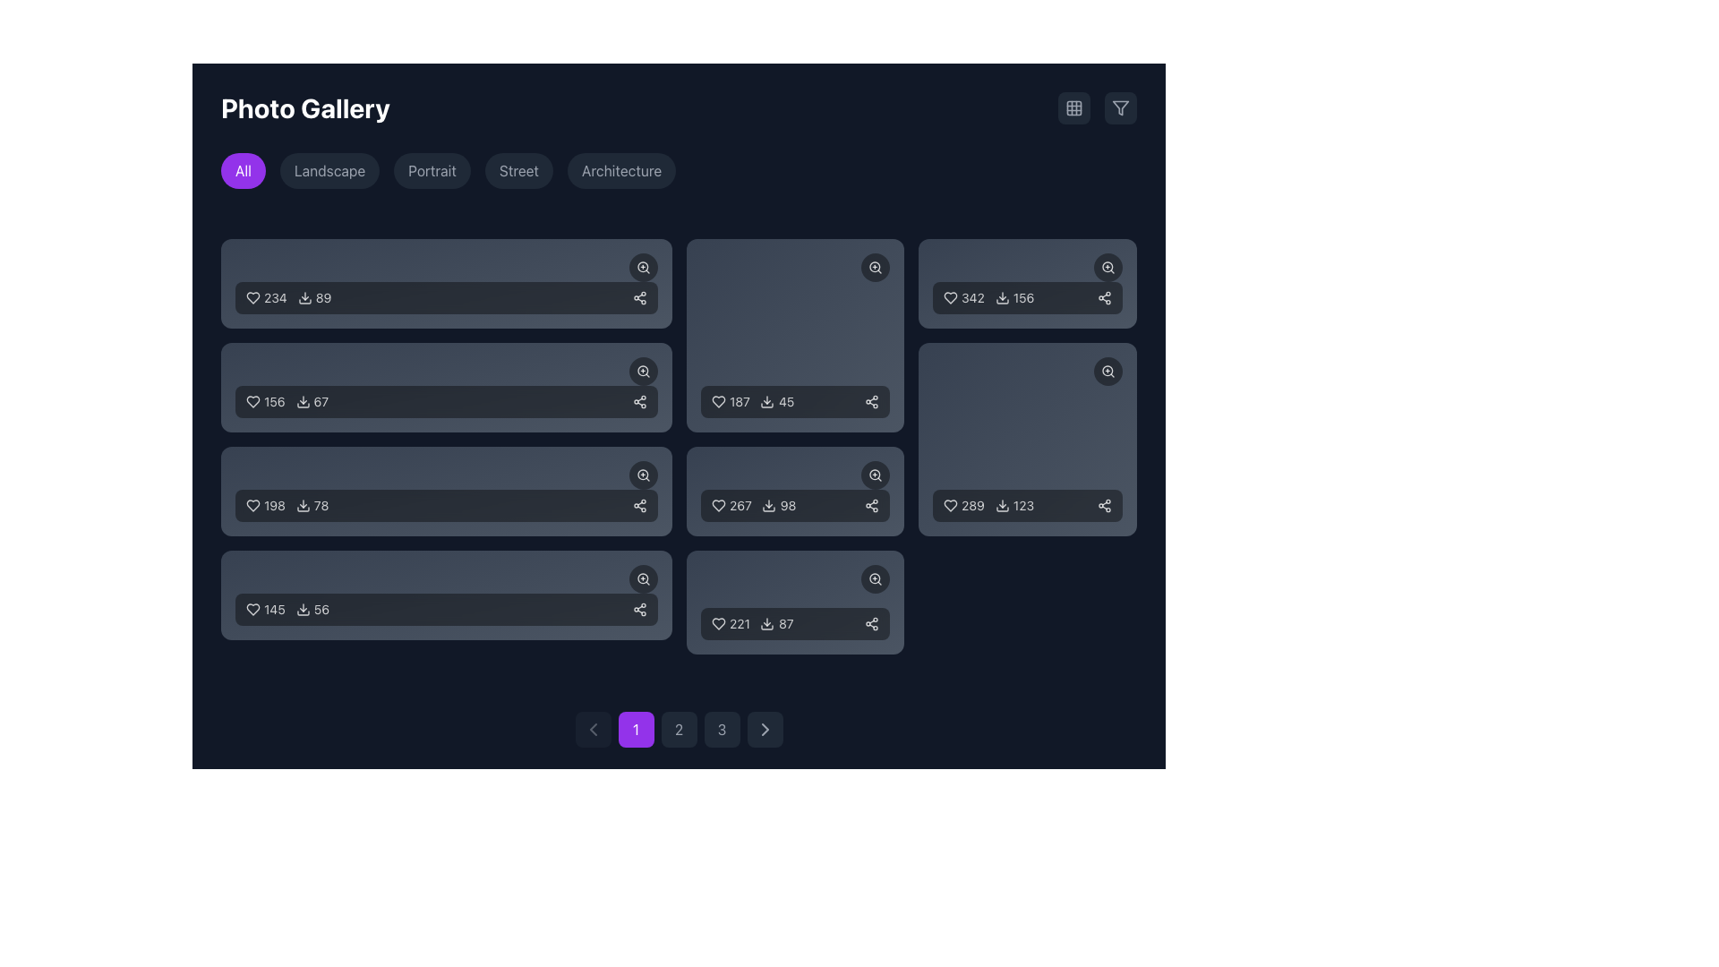 The image size is (1719, 967). Describe the element at coordinates (642, 370) in the screenshot. I see `the center of the magnifying glass icon, which is the second icon in the row within the second card from the top-left corner of the grid layout` at that location.